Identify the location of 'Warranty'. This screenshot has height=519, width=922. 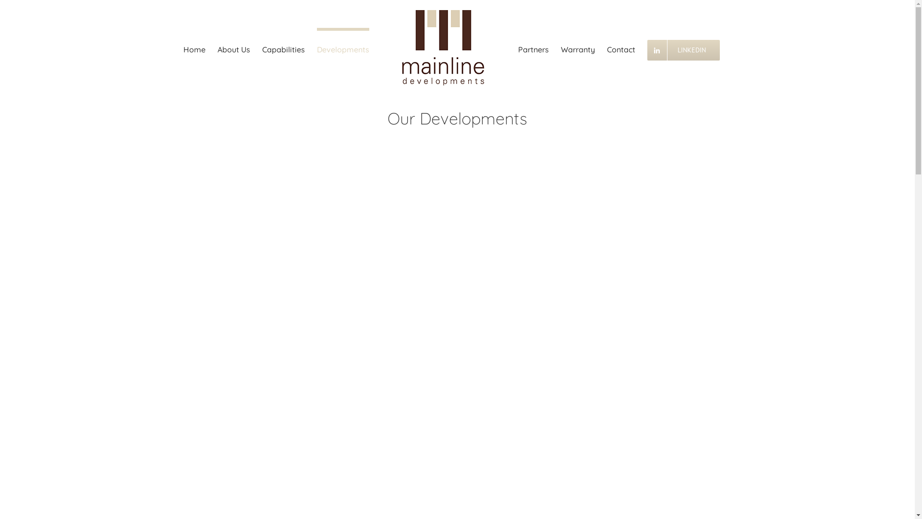
(577, 48).